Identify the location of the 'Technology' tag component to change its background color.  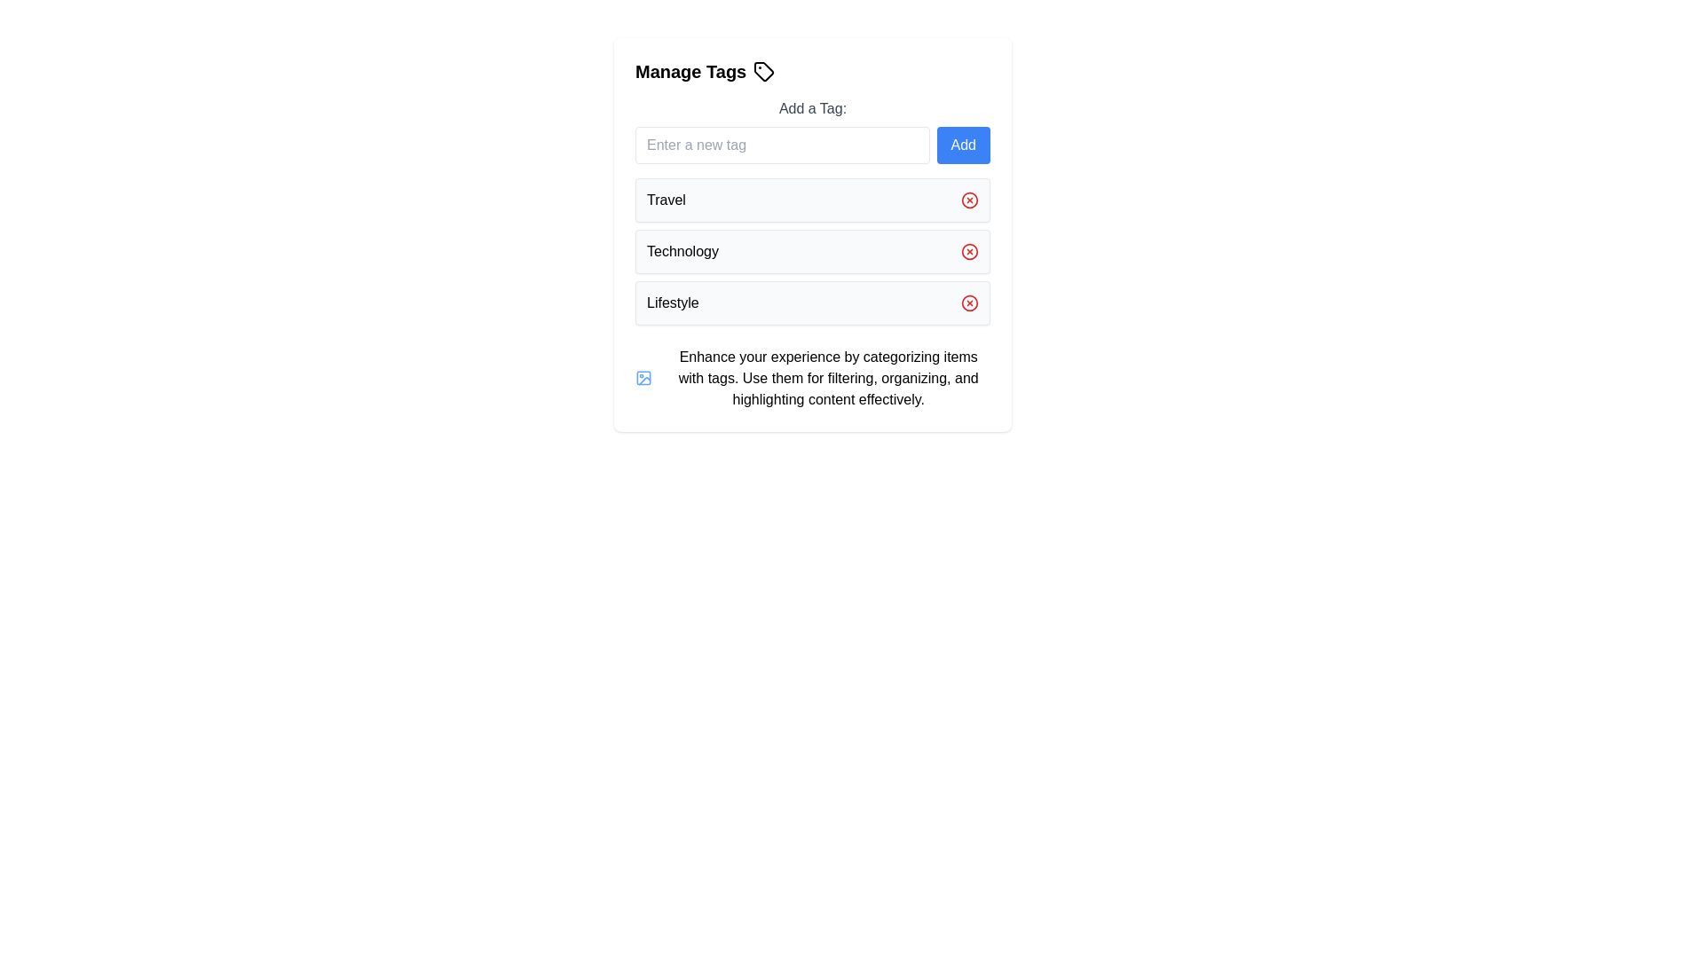
(812, 252).